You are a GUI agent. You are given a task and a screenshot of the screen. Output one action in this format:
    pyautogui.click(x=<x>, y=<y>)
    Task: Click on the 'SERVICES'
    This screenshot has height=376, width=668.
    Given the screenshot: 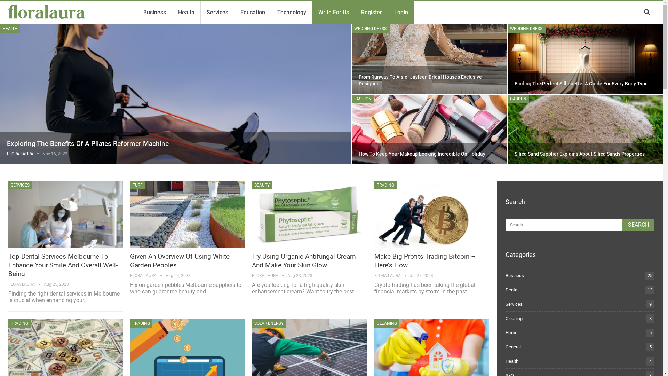 What is the action you would take?
    pyautogui.click(x=20, y=185)
    